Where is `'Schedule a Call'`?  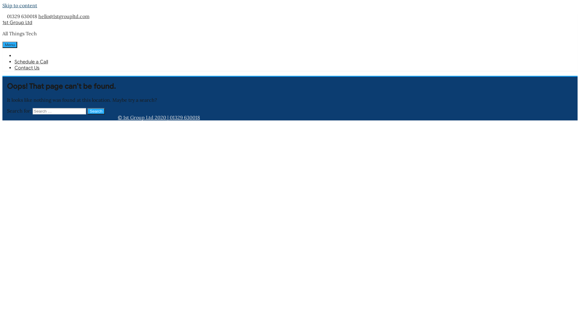 'Schedule a Call' is located at coordinates (14, 62).